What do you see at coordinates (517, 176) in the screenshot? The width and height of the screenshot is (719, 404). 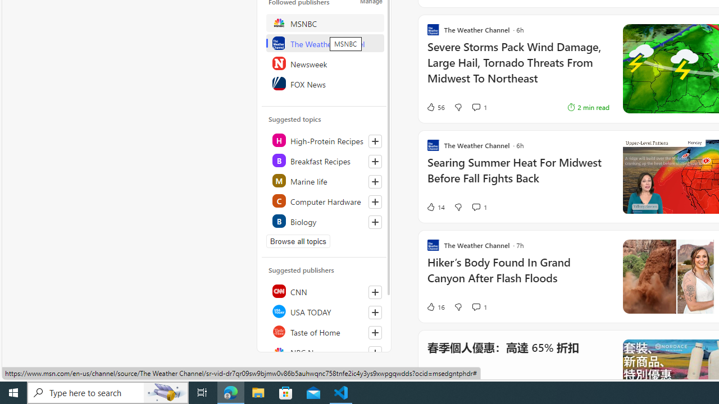 I see `'Searing Summer Heat For Midwest Before Fall Fights Back'` at bounding box center [517, 176].